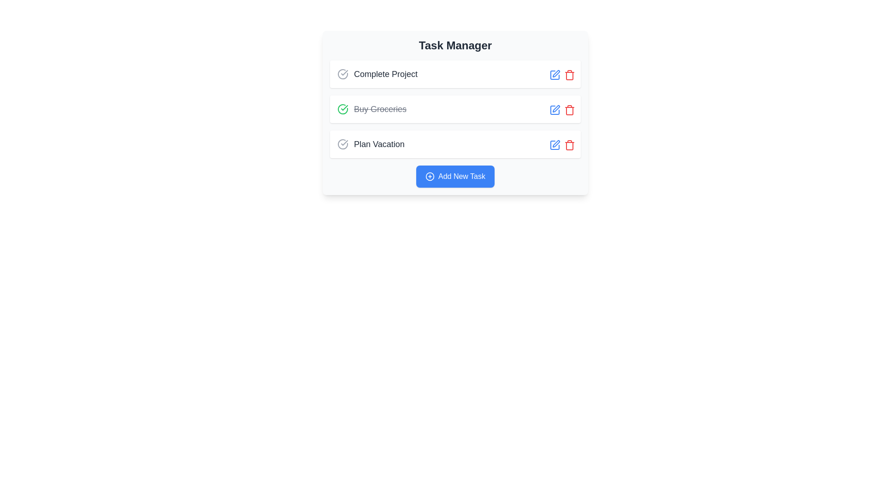 This screenshot has width=885, height=498. Describe the element at coordinates (561, 108) in the screenshot. I see `the Action Button Group located in the middle of the 'Buy Groceries' task entry row` at that location.